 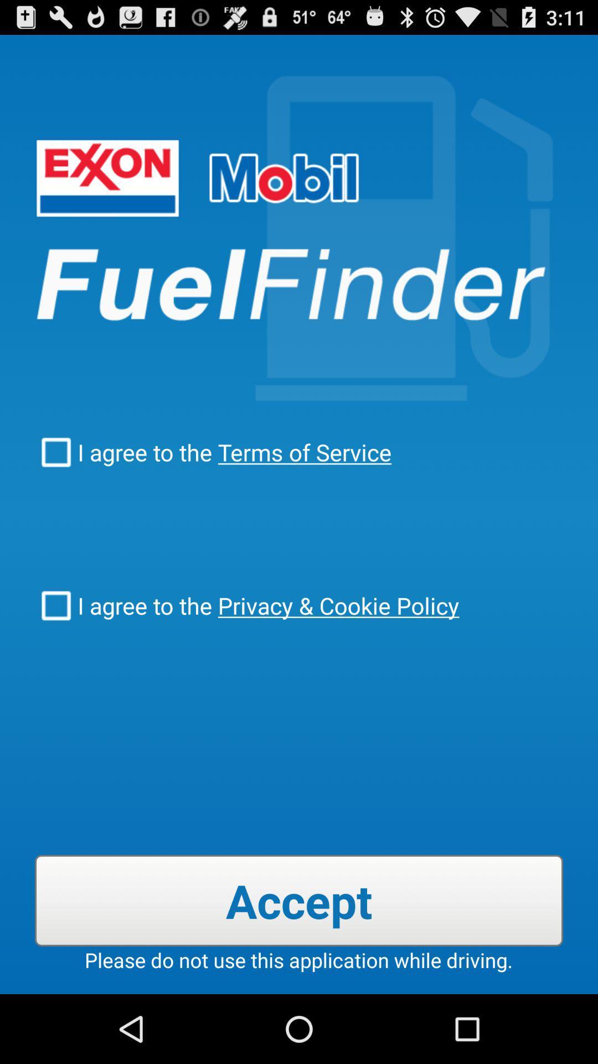 What do you see at coordinates (299, 901) in the screenshot?
I see `the accept icon` at bounding box center [299, 901].